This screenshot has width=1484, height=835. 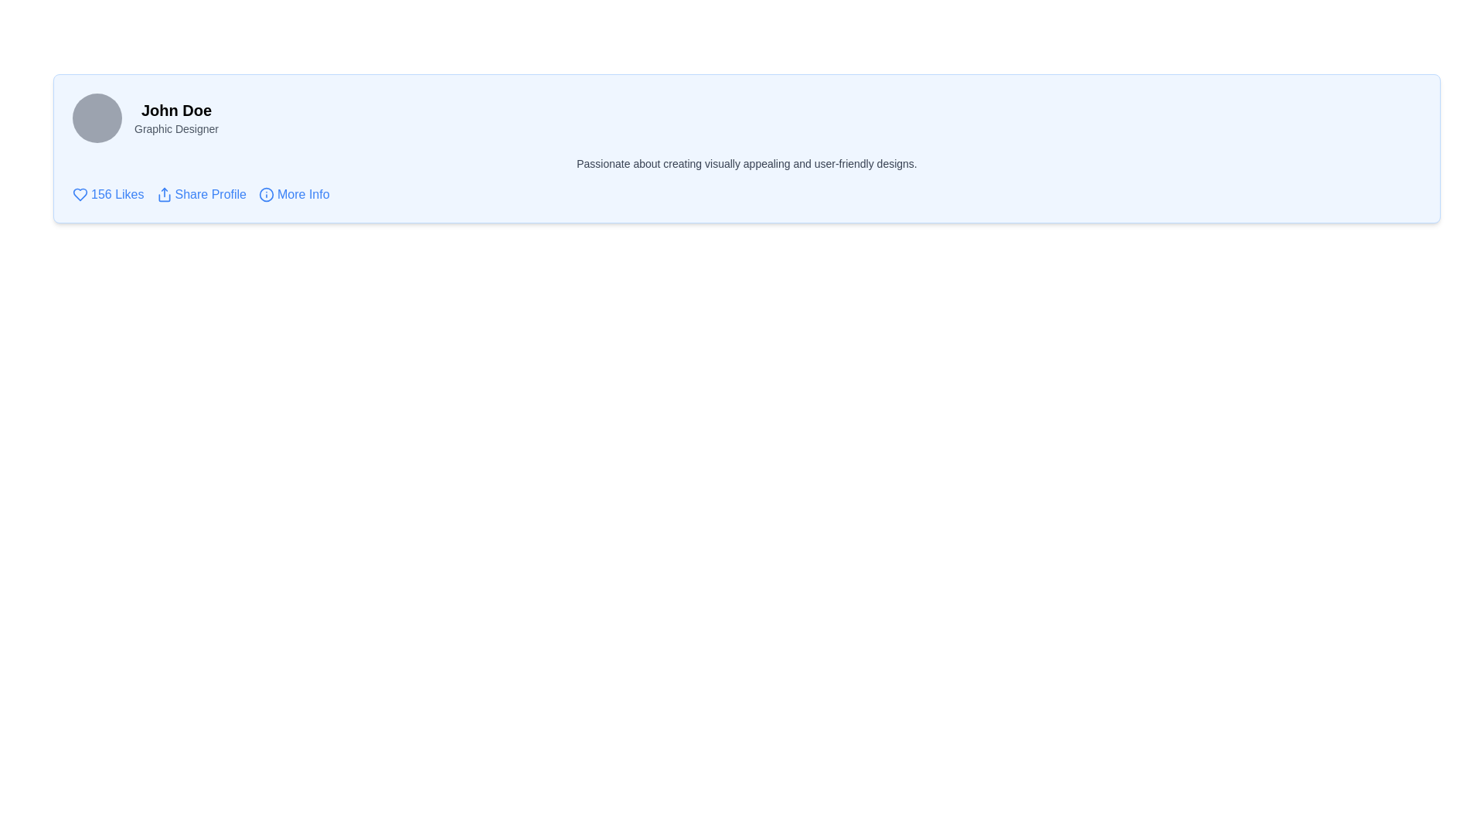 I want to click on the heart icon outlined in blue that precedes the '156 Likes' text to like the post, so click(x=80, y=193).